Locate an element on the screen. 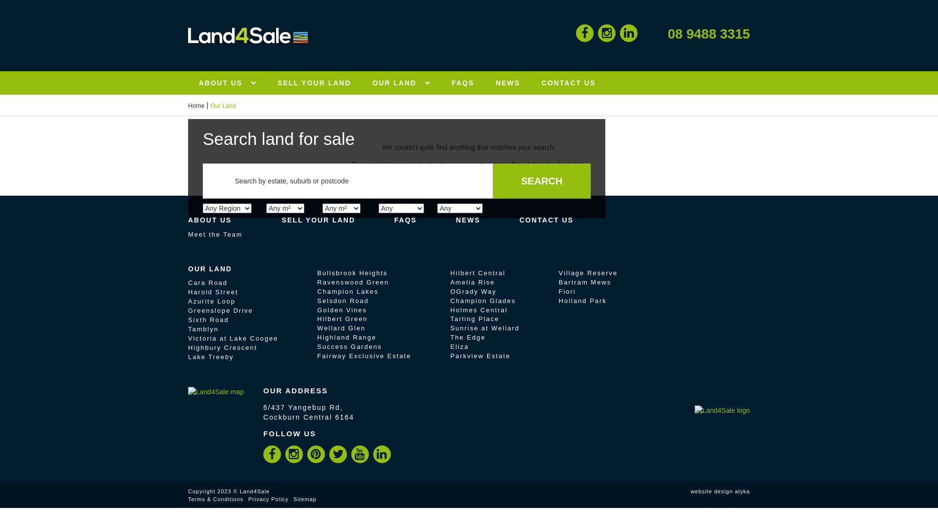 The height and width of the screenshot is (527, 938). 'Wellard Glen' is located at coordinates (341, 328).